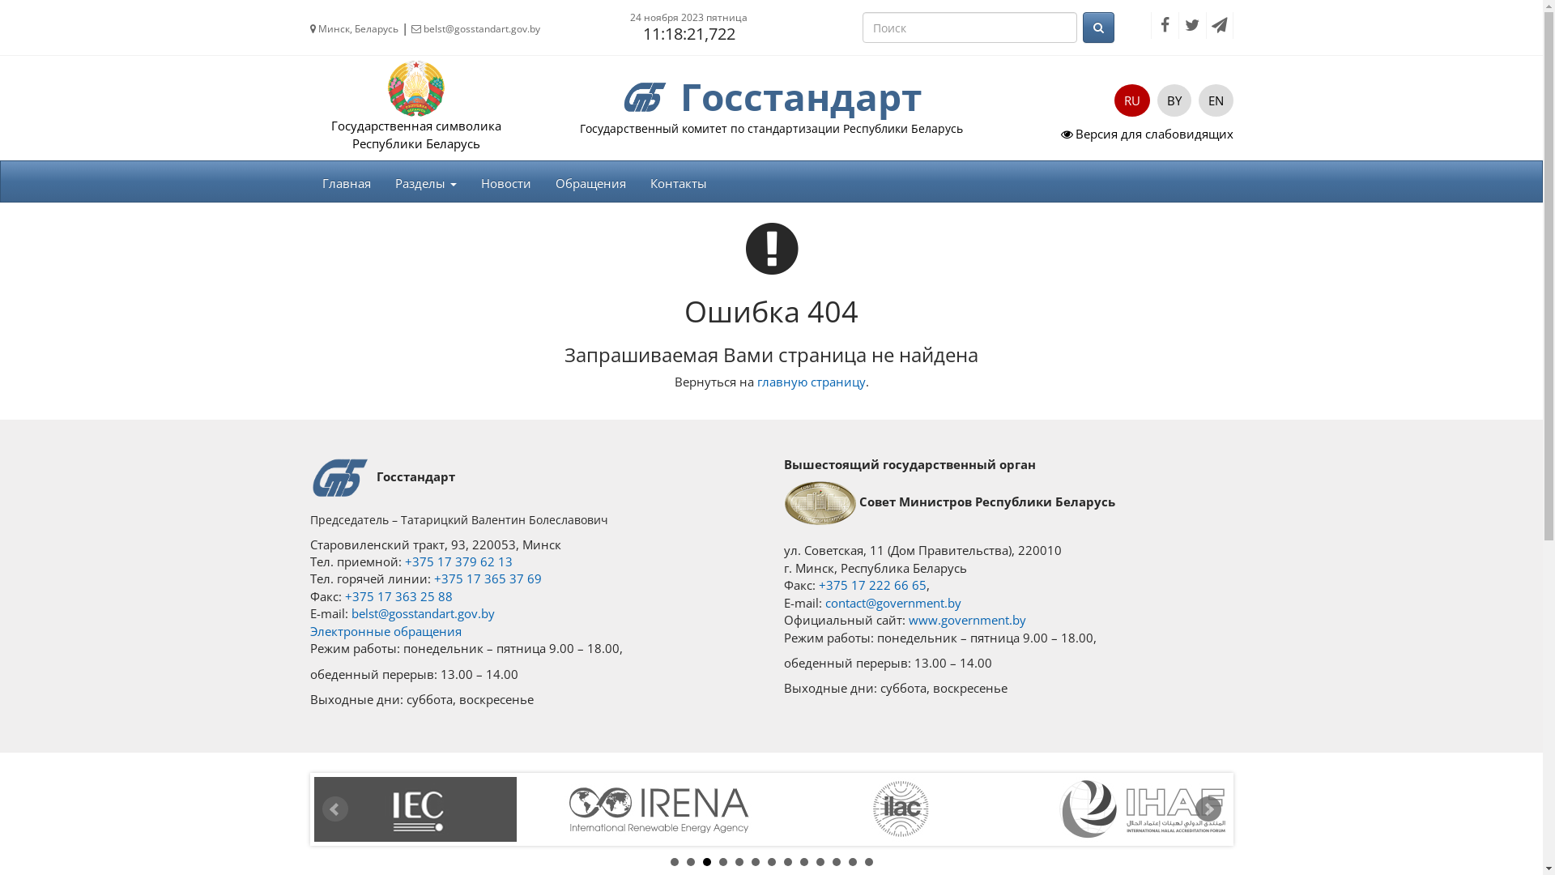  Describe the element at coordinates (820, 861) in the screenshot. I see `'10'` at that location.